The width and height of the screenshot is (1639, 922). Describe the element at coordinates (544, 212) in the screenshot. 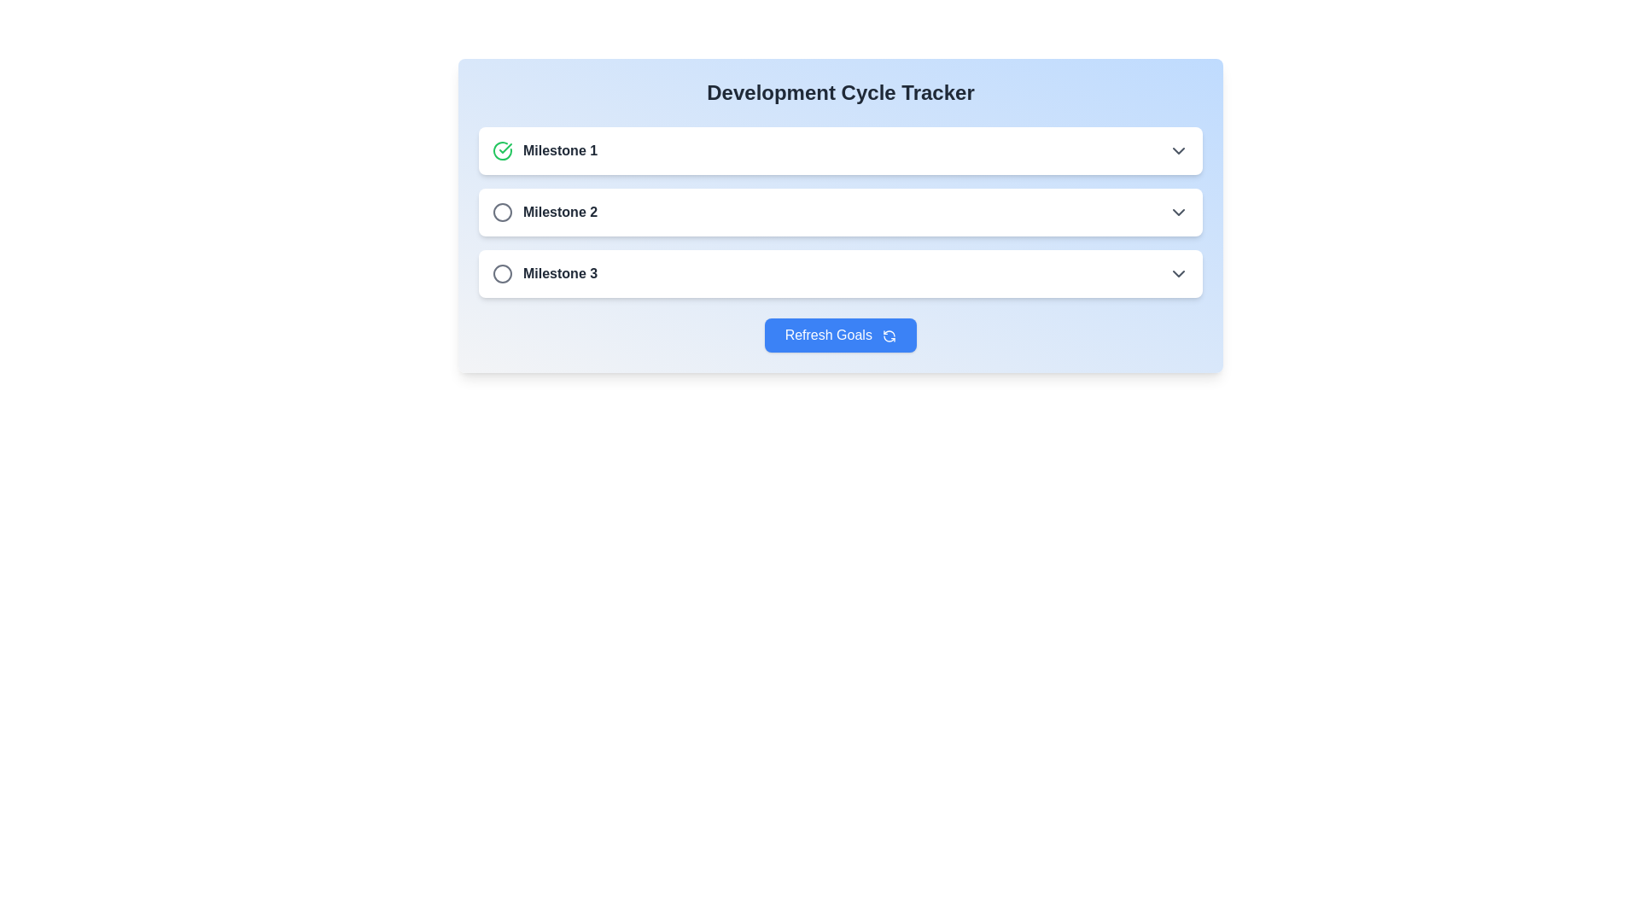

I see `the 'Milestone 2' label, which is styled in bold and dark gray and positioned below 'Milestone 1' and above 'Milestone 3'` at that location.